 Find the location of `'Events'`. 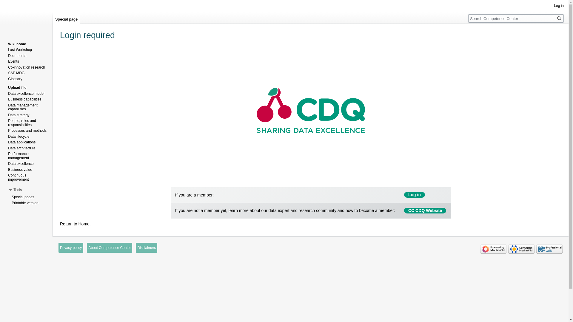

'Events' is located at coordinates (8, 61).